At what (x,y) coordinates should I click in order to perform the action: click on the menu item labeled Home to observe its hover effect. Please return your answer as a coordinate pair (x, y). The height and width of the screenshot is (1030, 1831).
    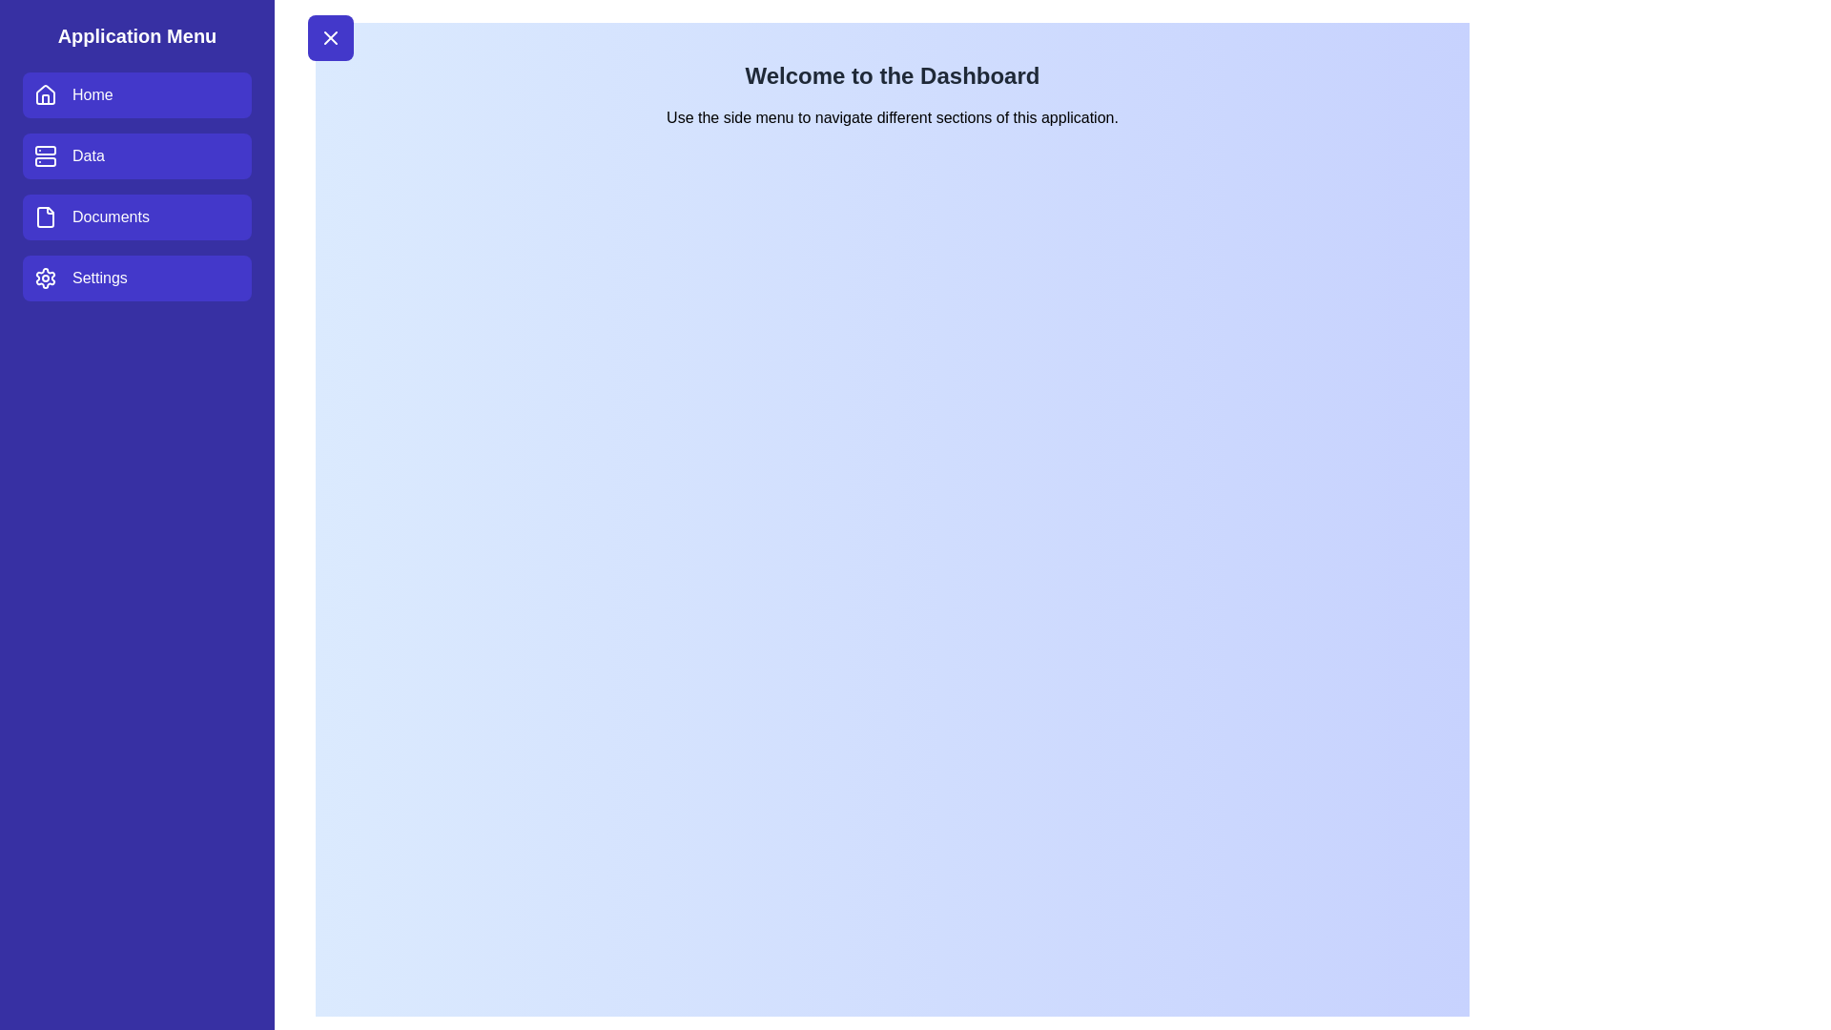
    Looking at the image, I should click on (136, 95).